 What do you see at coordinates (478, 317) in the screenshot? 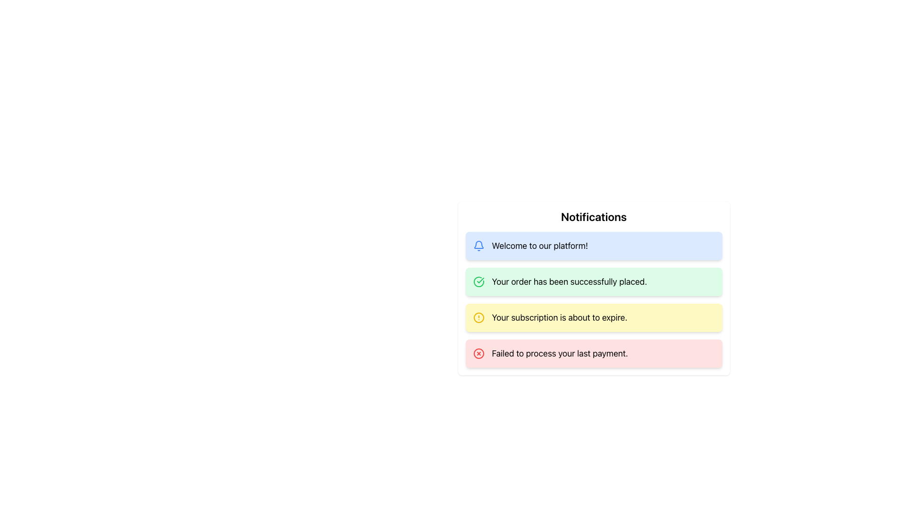
I see `the circular icon with a yellow border in the notification interface, which serves as the primary visual indicator for the notification entry` at bounding box center [478, 317].